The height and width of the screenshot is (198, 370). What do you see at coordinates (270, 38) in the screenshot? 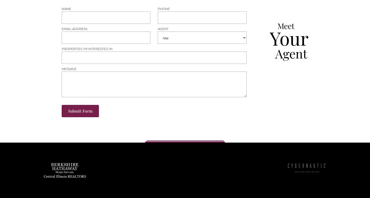
I see `'Your'` at bounding box center [270, 38].